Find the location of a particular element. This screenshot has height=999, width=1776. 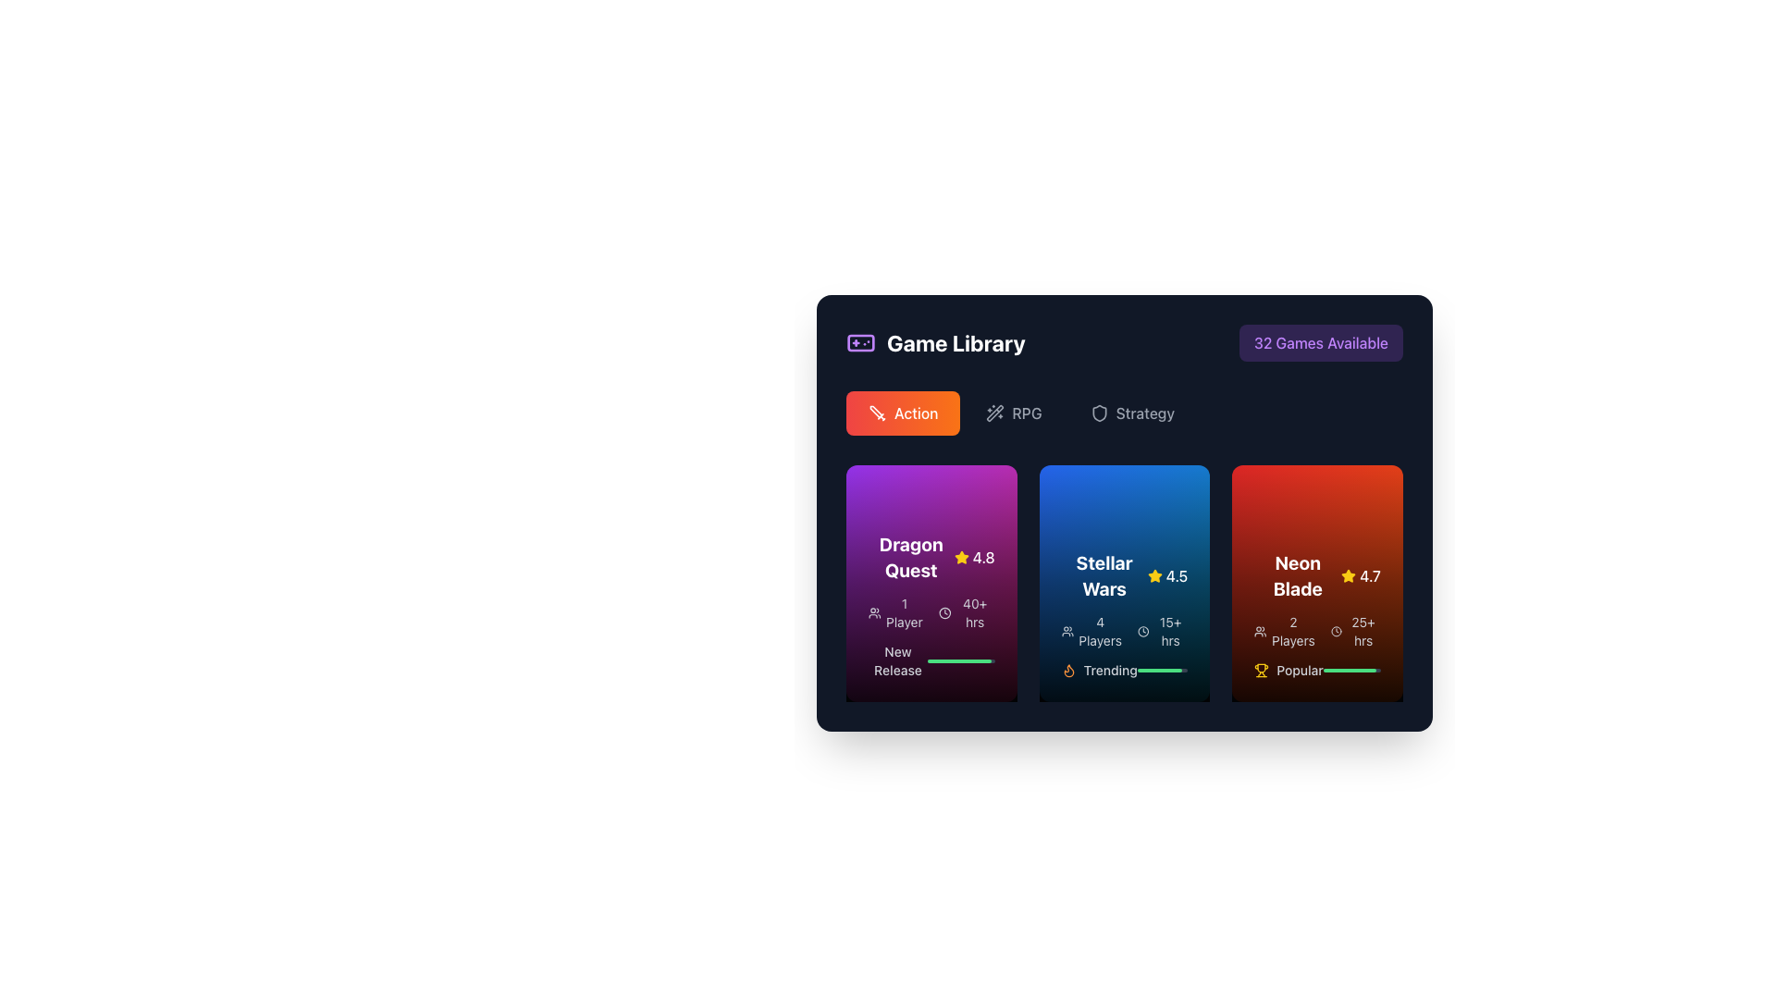

the 'New Release' text within the progress bar indicator located in the 'Dragon Quest' card is located at coordinates (931, 660).